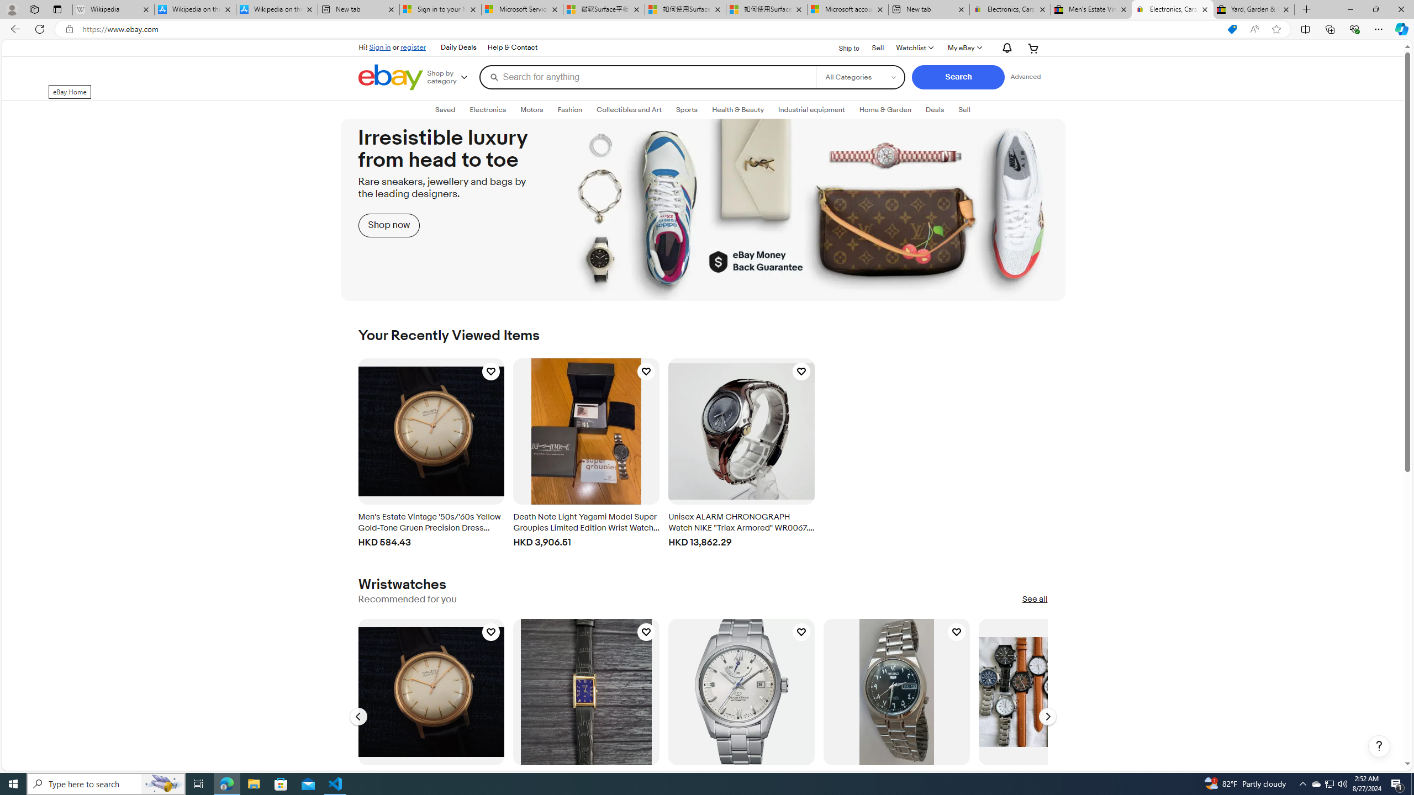 This screenshot has width=1414, height=795. I want to click on 'register', so click(413, 46).